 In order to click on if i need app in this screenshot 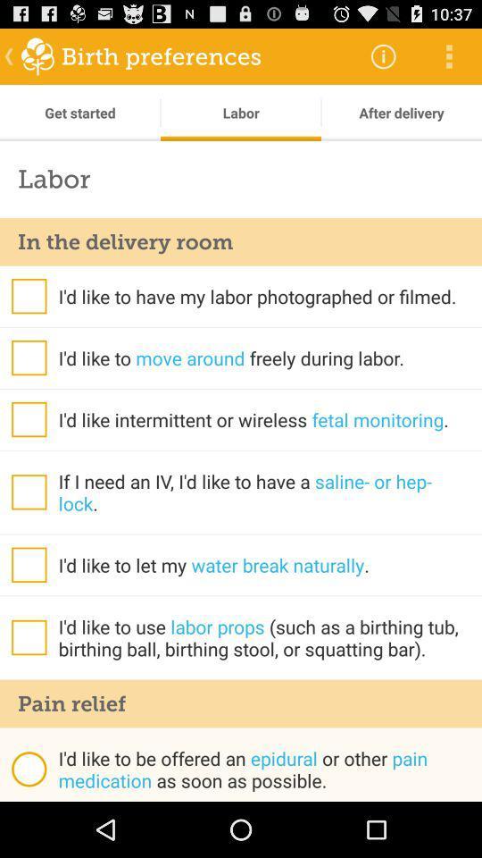, I will do `click(269, 492)`.